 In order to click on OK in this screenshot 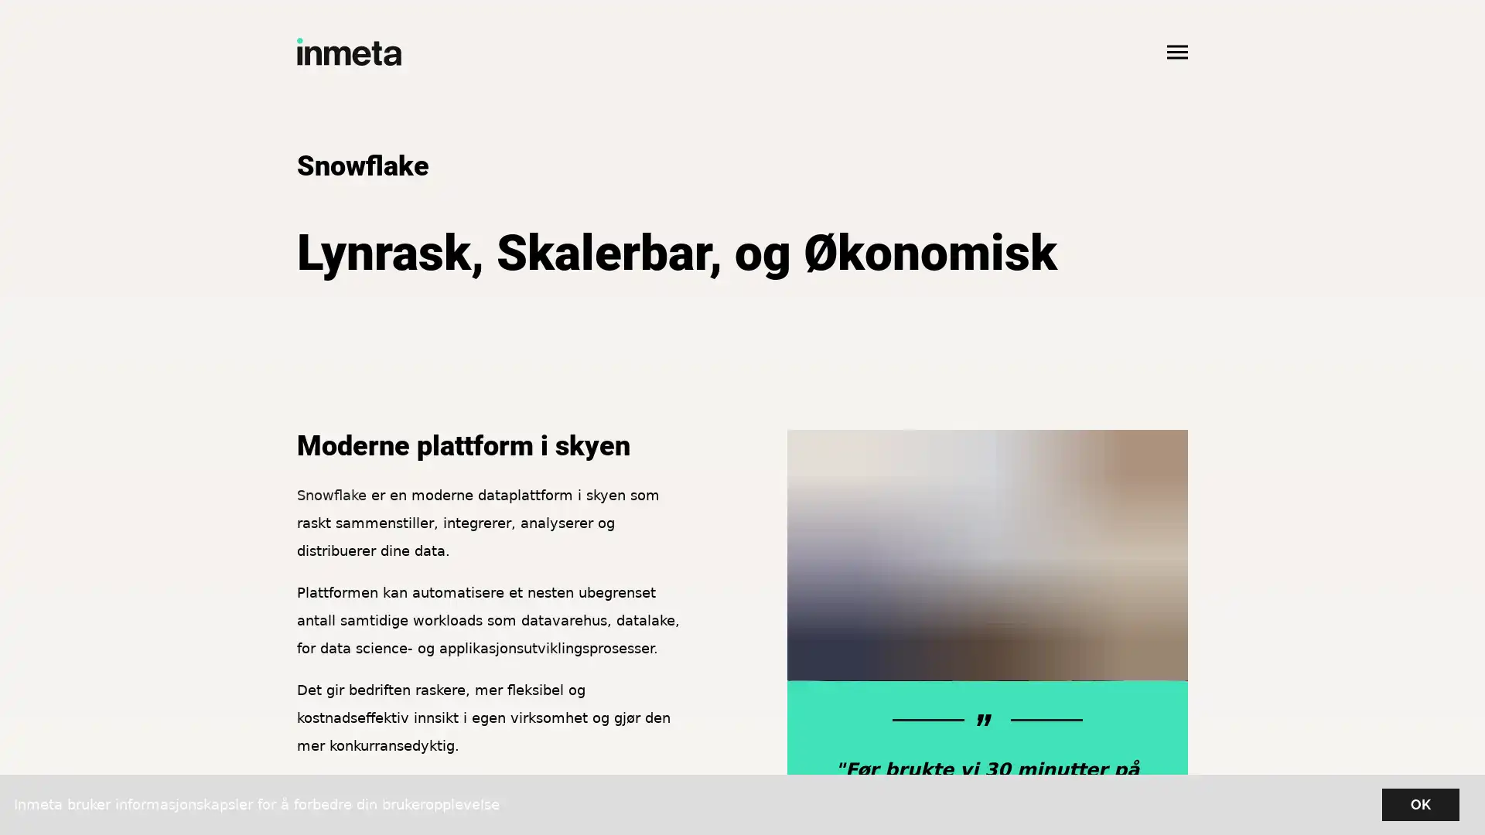, I will do `click(1421, 803)`.